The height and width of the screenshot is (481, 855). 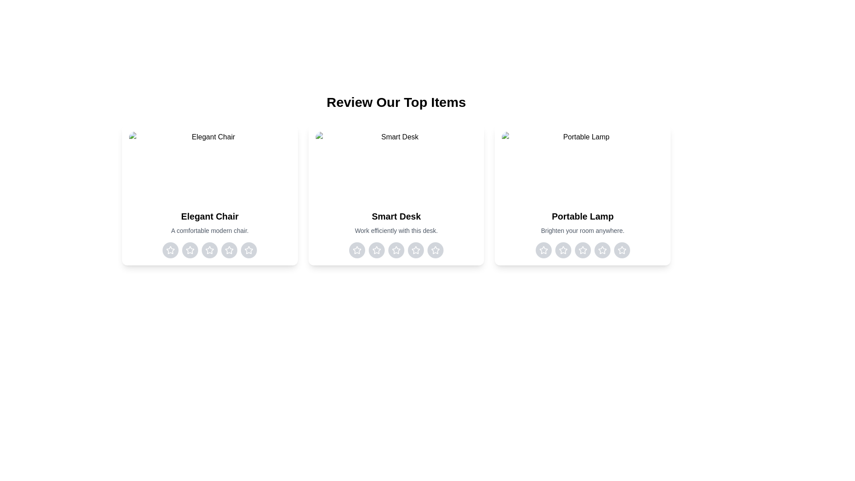 What do you see at coordinates (395, 250) in the screenshot?
I see `the rating for the item 'Smart Desk' to 3 stars` at bounding box center [395, 250].